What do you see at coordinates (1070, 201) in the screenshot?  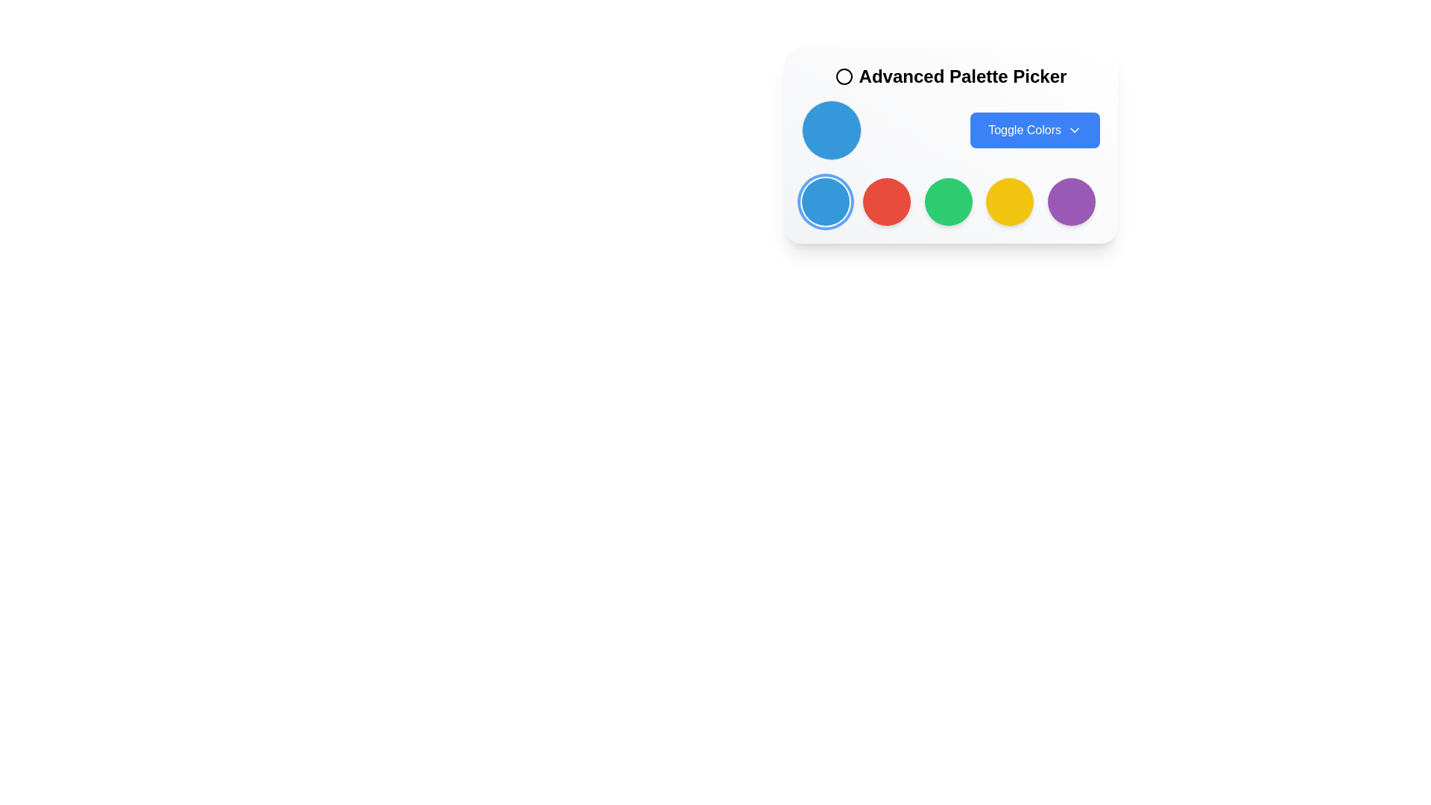 I see `the circular button with a purple background located at the bottom-right corner of the grid layout` at bounding box center [1070, 201].